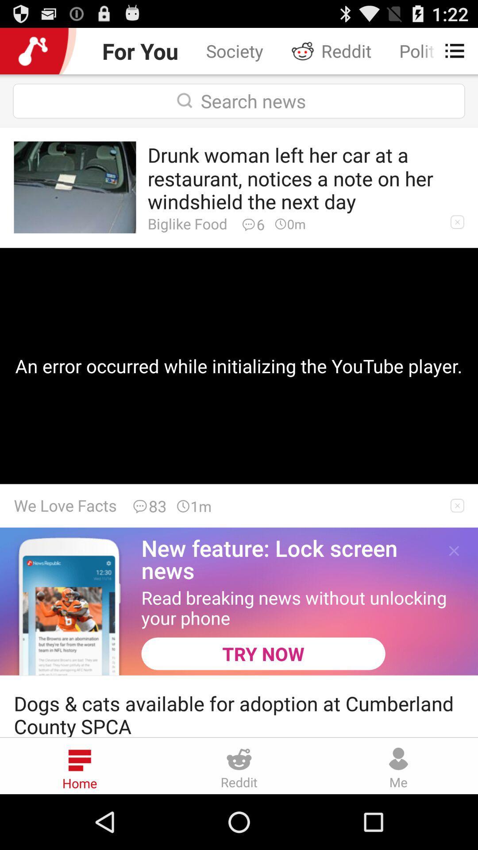 The width and height of the screenshot is (478, 850). I want to click on icon next to the for you, so click(234, 50).